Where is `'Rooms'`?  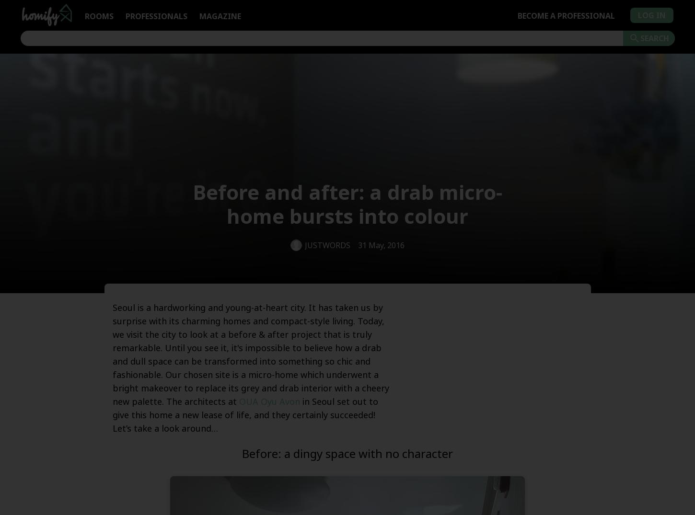 'Rooms' is located at coordinates (98, 15).